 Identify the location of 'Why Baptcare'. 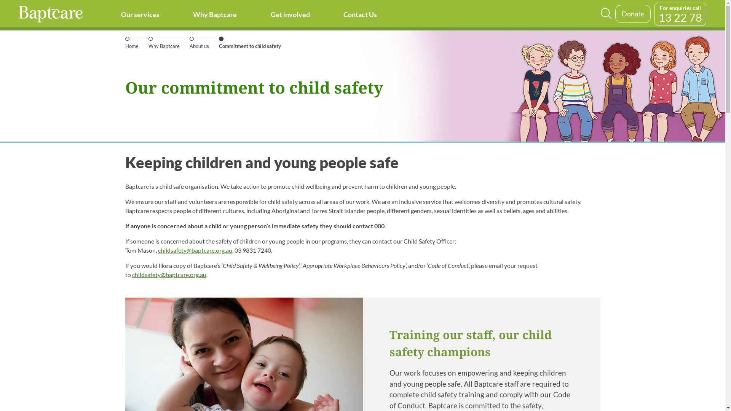
(214, 17).